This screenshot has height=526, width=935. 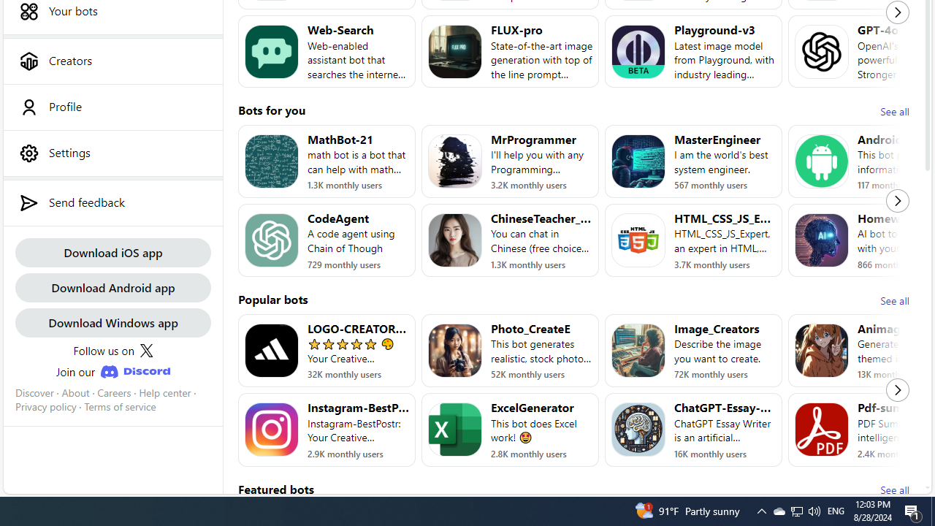 I want to click on 'Bot image for MrProgrammer', so click(x=454, y=161).